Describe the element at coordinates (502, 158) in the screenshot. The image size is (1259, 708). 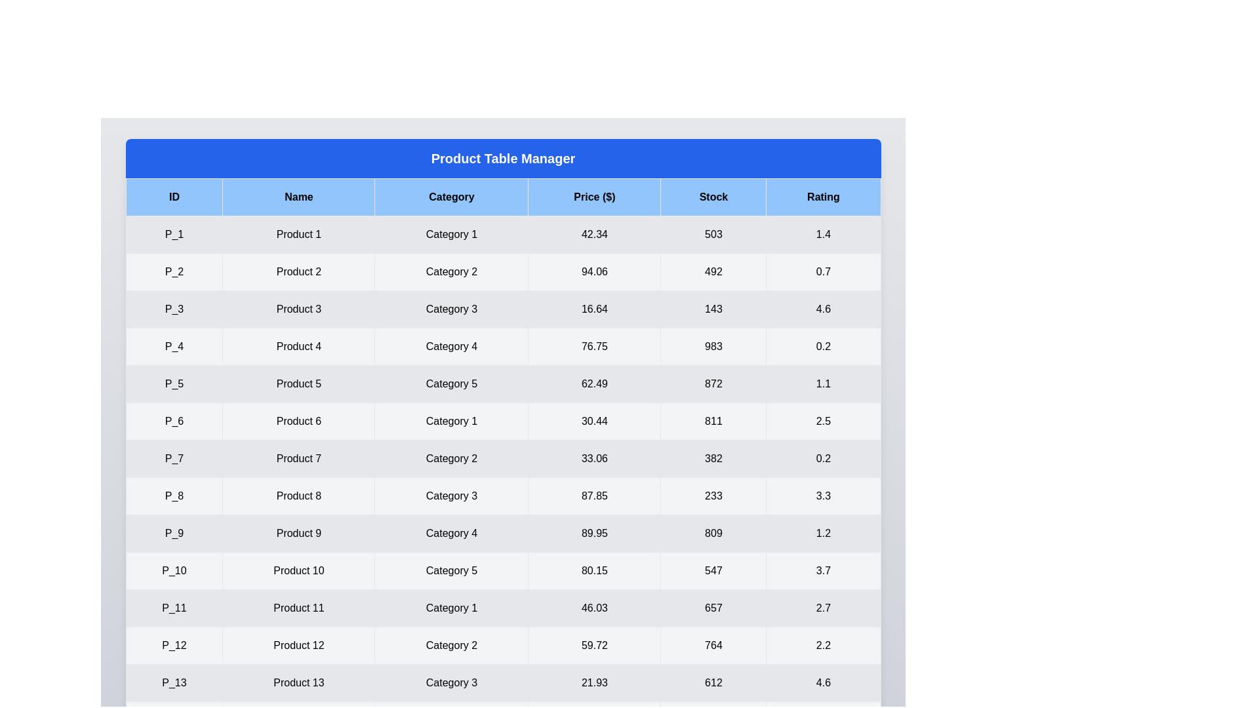
I see `the header title 'Product Table Manager'` at that location.